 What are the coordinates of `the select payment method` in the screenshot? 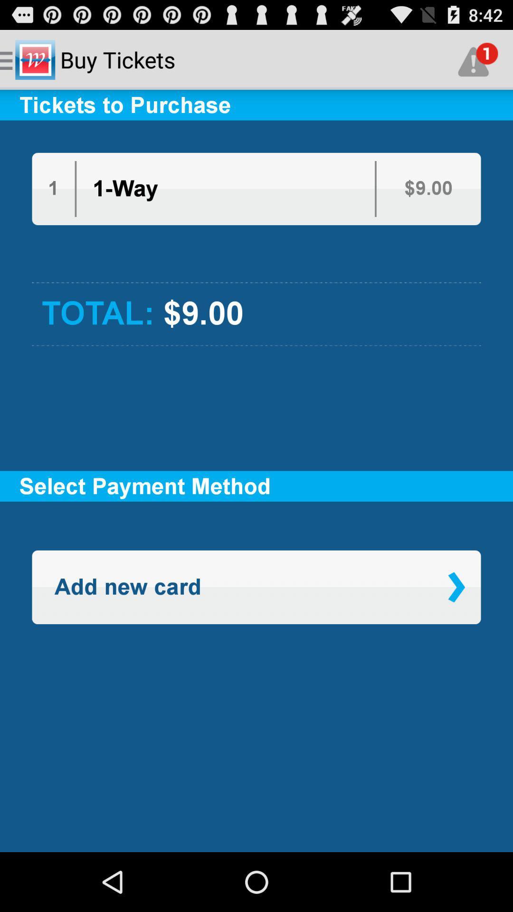 It's located at (256, 486).